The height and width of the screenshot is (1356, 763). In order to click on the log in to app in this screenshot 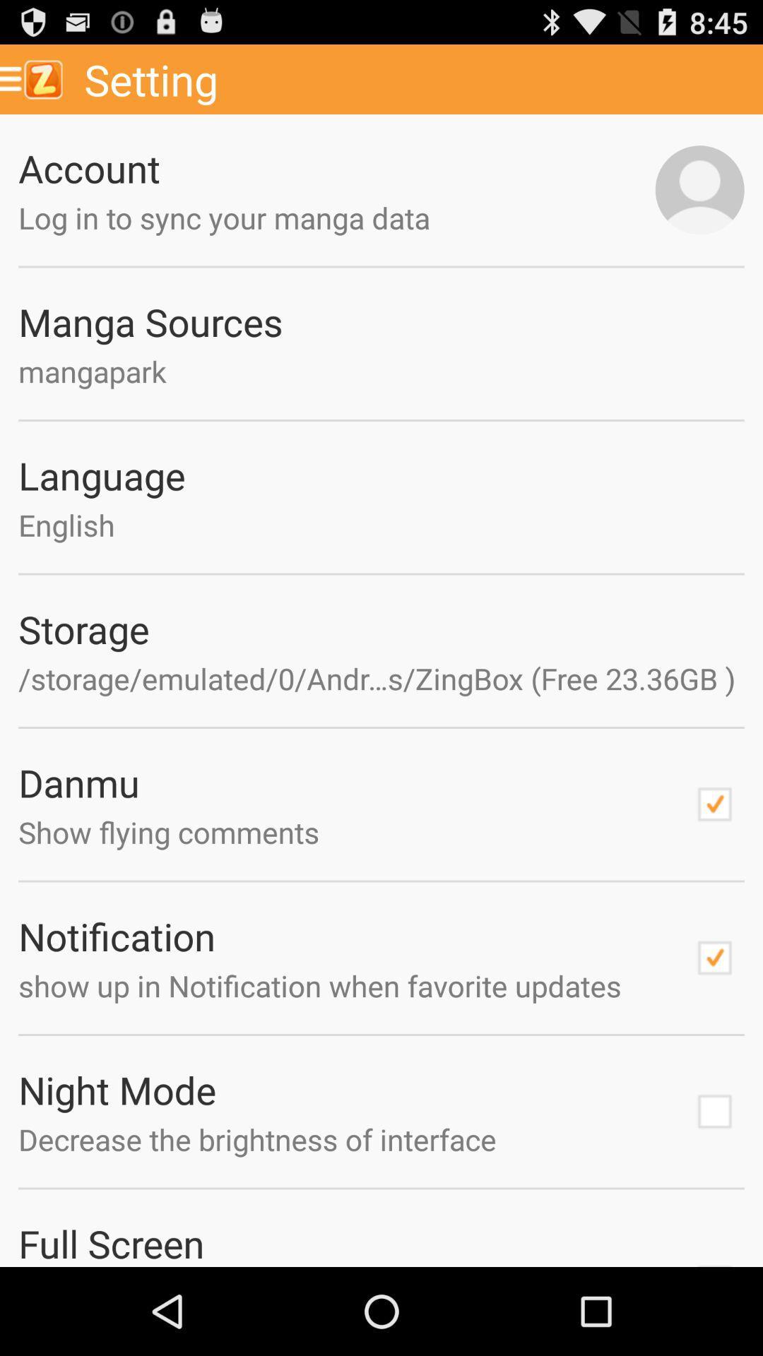, I will do `click(337, 217)`.